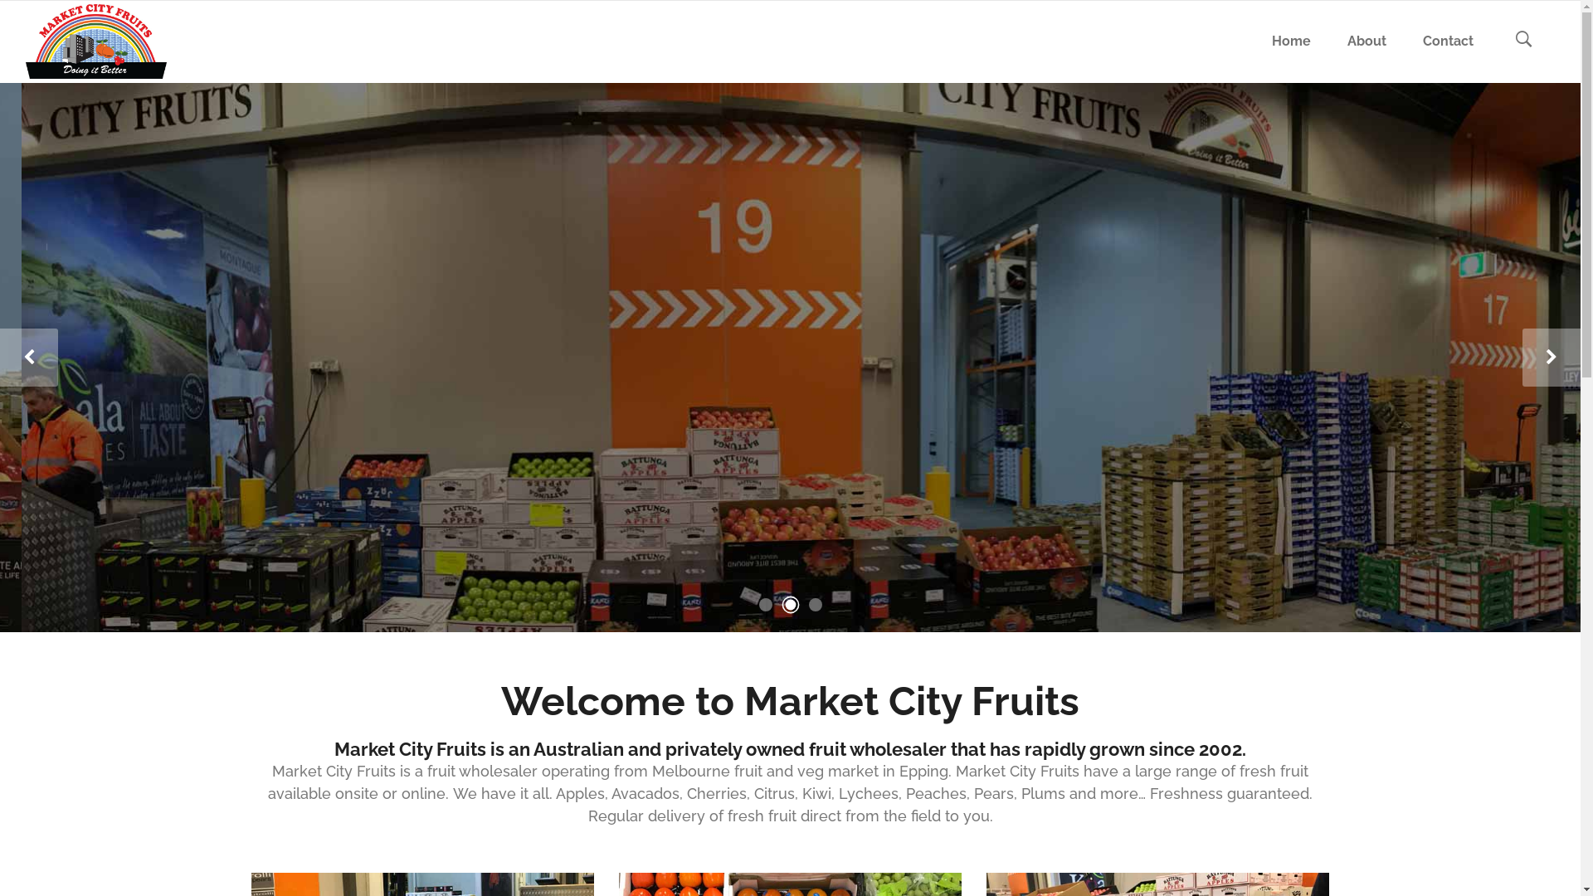 The image size is (1593, 896). I want to click on 'Contact', so click(1447, 41).